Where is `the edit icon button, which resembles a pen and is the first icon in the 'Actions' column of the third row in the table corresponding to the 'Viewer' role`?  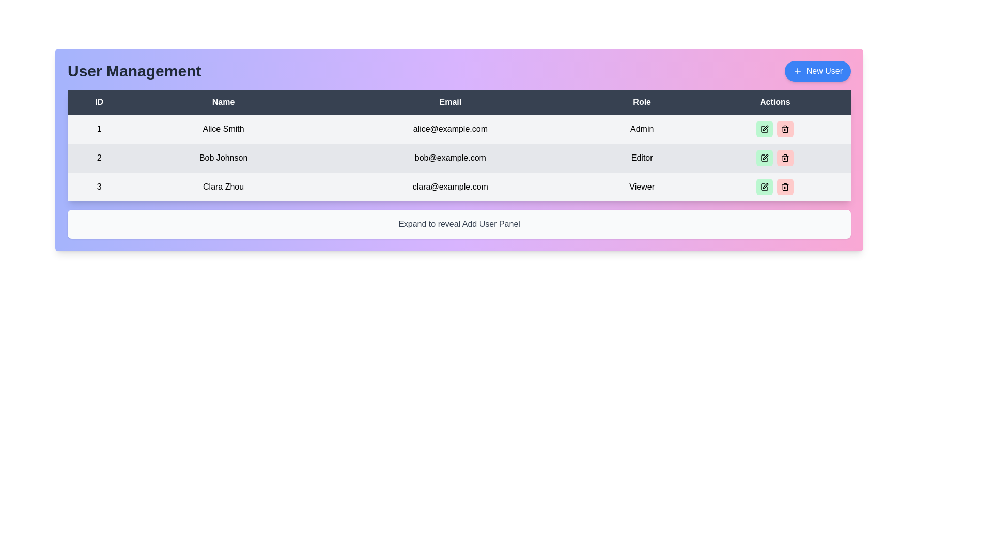 the edit icon button, which resembles a pen and is the first icon in the 'Actions' column of the third row in the table corresponding to the 'Viewer' role is located at coordinates (766, 185).